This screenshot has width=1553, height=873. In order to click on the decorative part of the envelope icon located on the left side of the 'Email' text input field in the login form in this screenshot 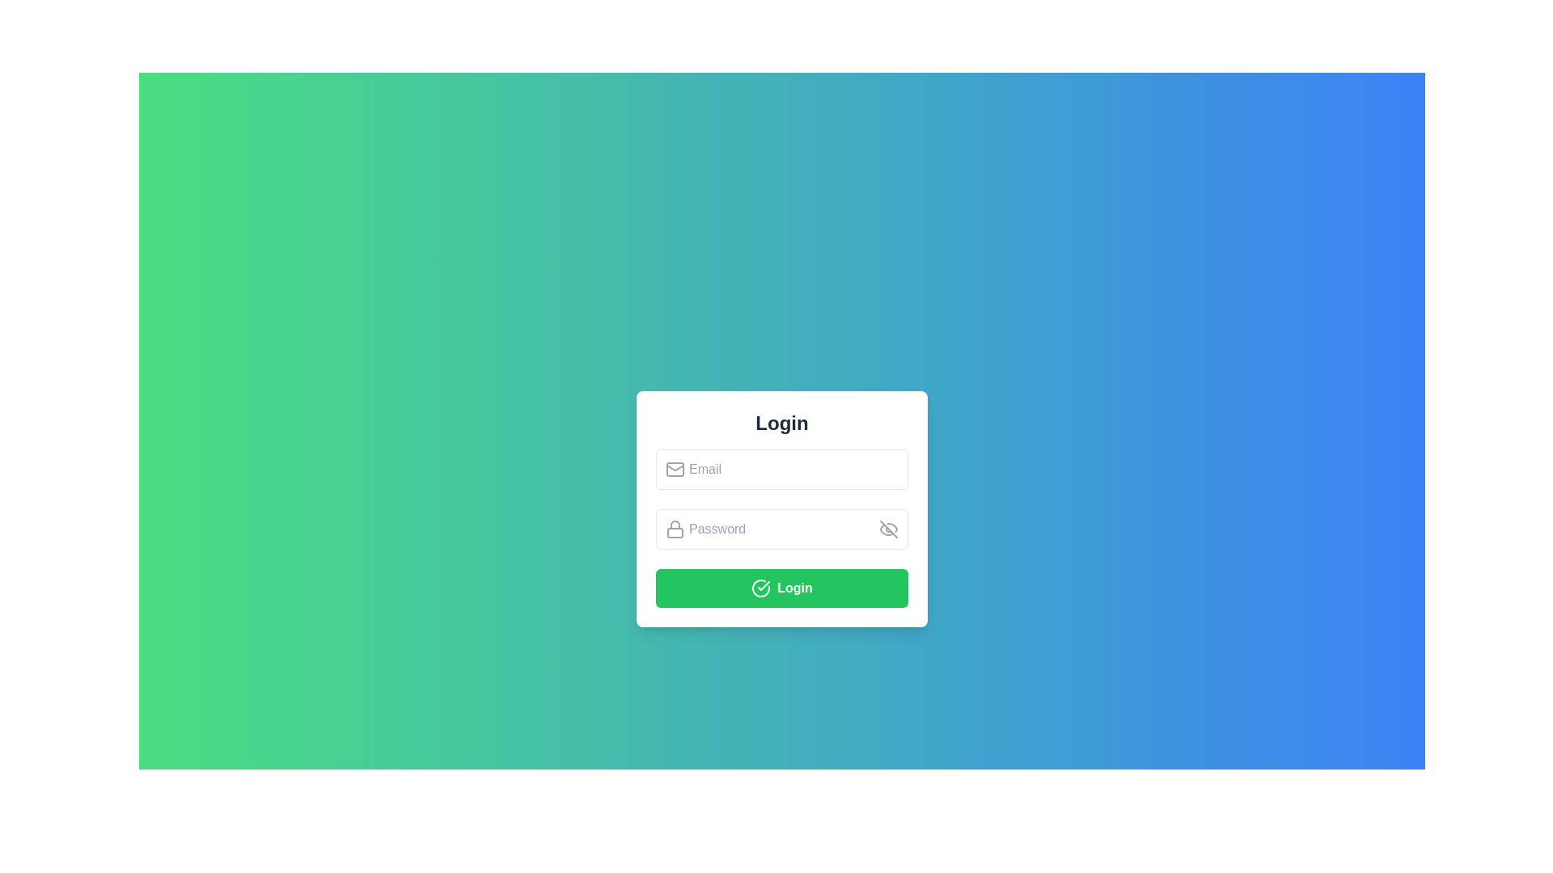, I will do `click(675, 468)`.